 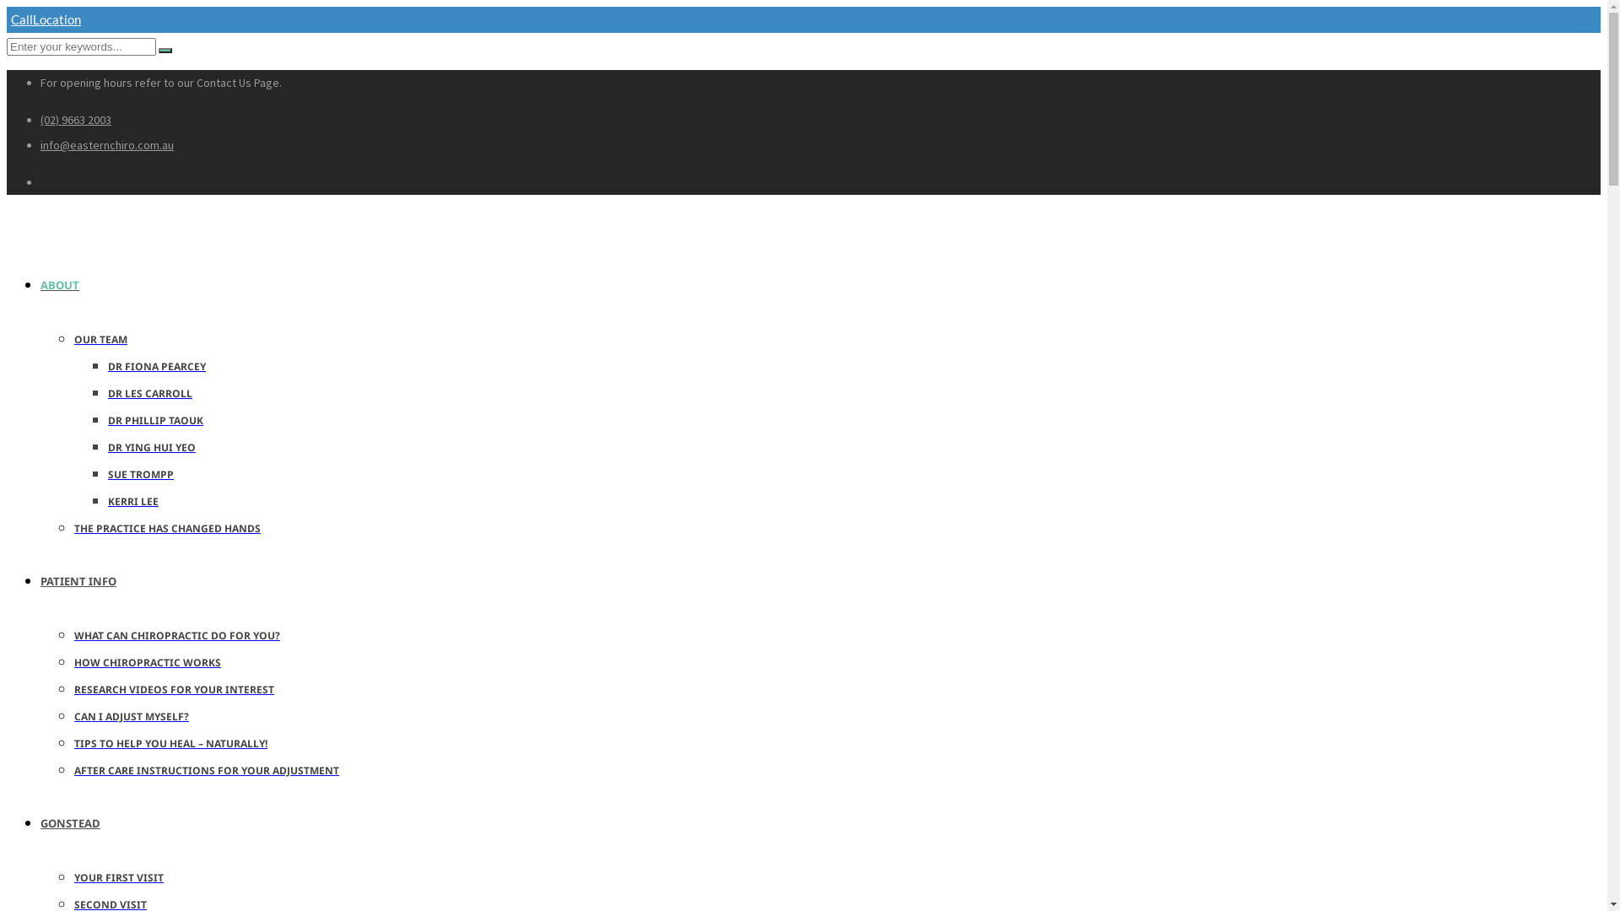 What do you see at coordinates (157, 365) in the screenshot?
I see `'DR FIONA PEARCEY'` at bounding box center [157, 365].